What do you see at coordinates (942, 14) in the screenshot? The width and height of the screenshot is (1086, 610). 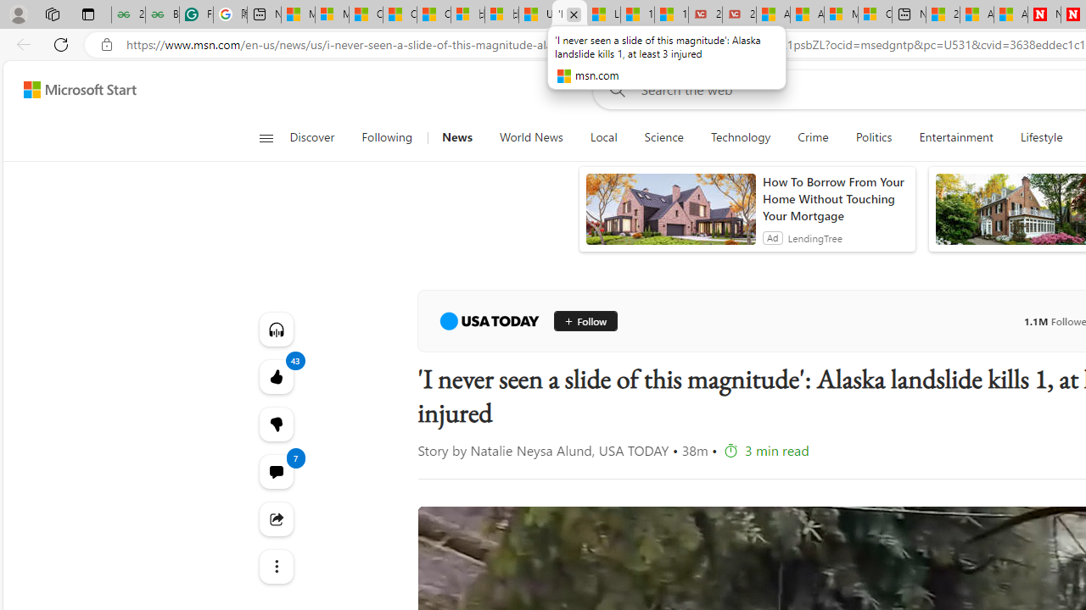 I see `'20 Ways to Boost Your Protein Intake at Every Meal'` at bounding box center [942, 14].